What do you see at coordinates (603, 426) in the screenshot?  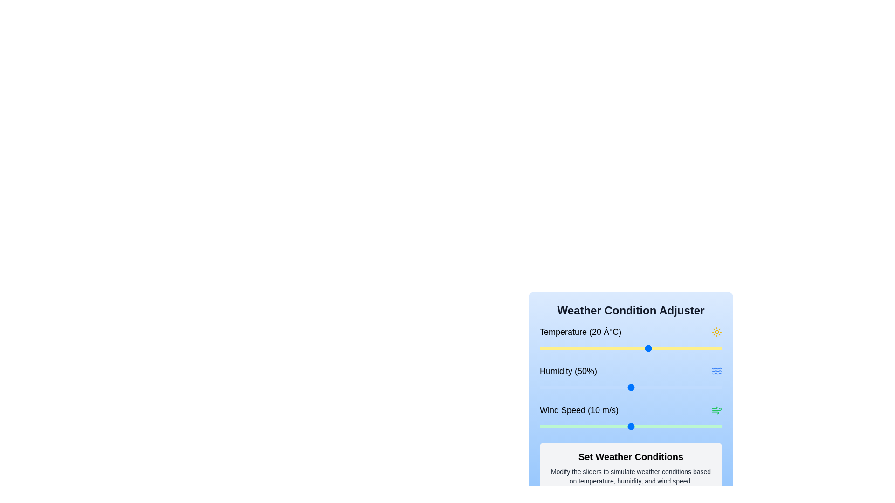 I see `the wind speed slider to set the wind speed to 7 m/s` at bounding box center [603, 426].